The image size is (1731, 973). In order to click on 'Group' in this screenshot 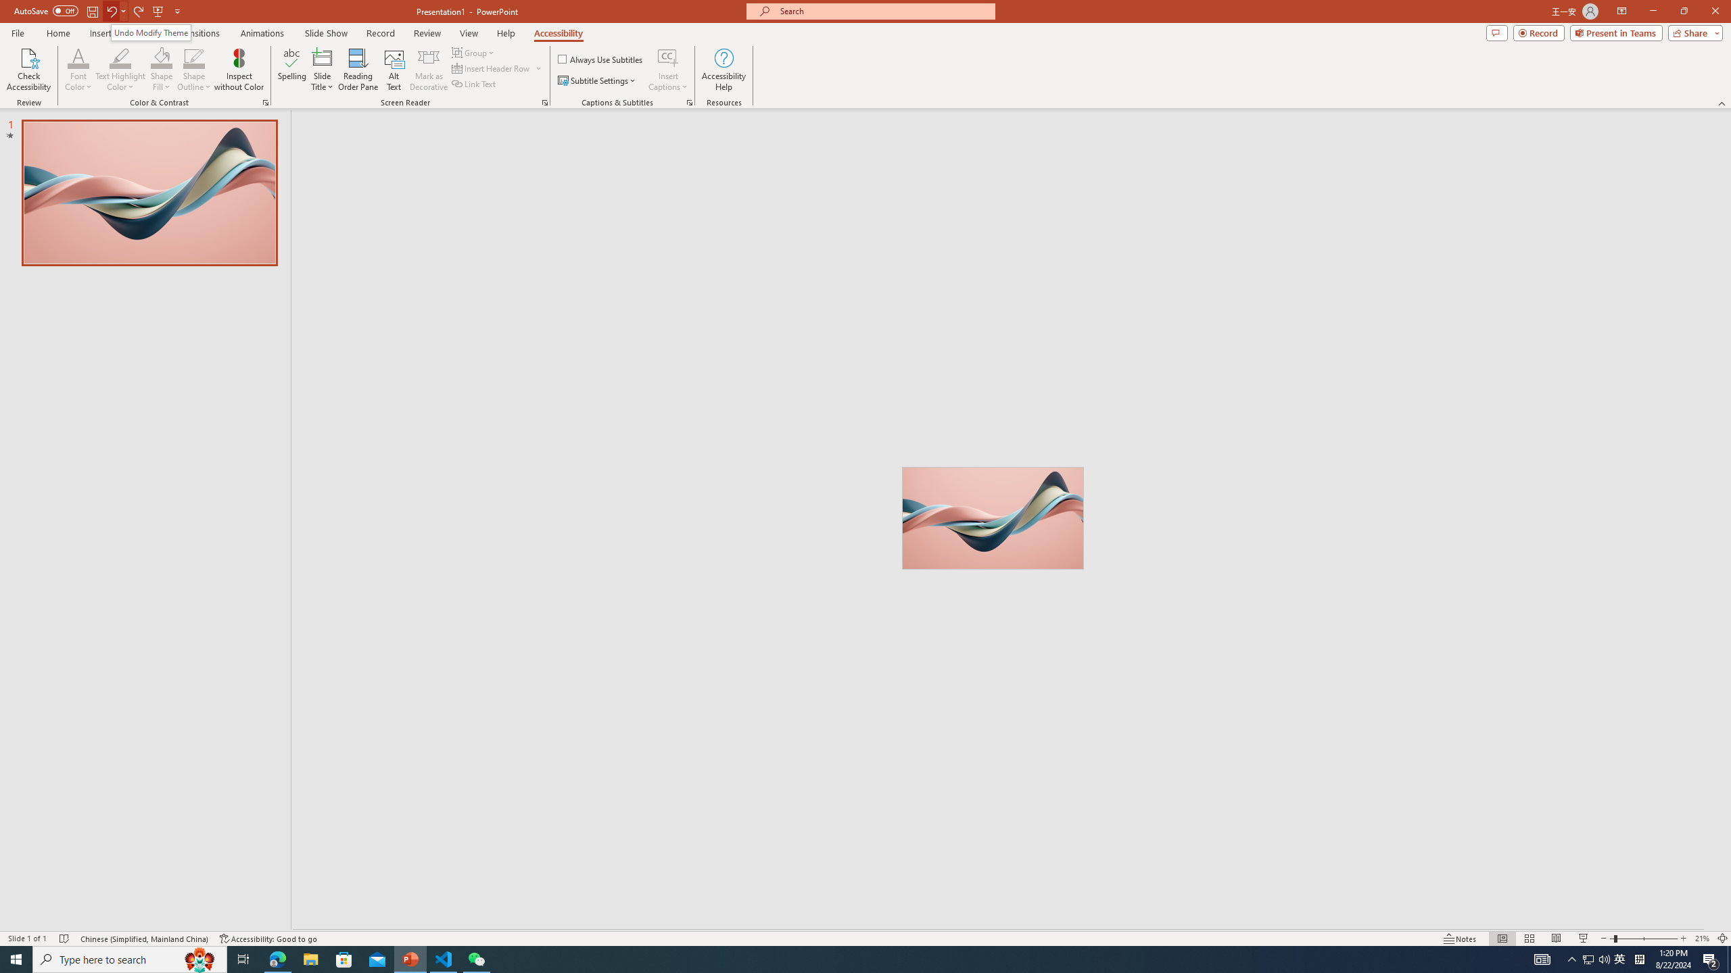, I will do `click(474, 52)`.